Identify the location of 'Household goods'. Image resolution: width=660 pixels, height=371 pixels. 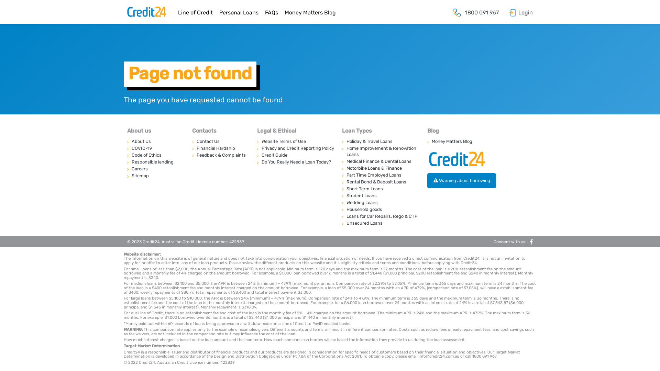
(380, 209).